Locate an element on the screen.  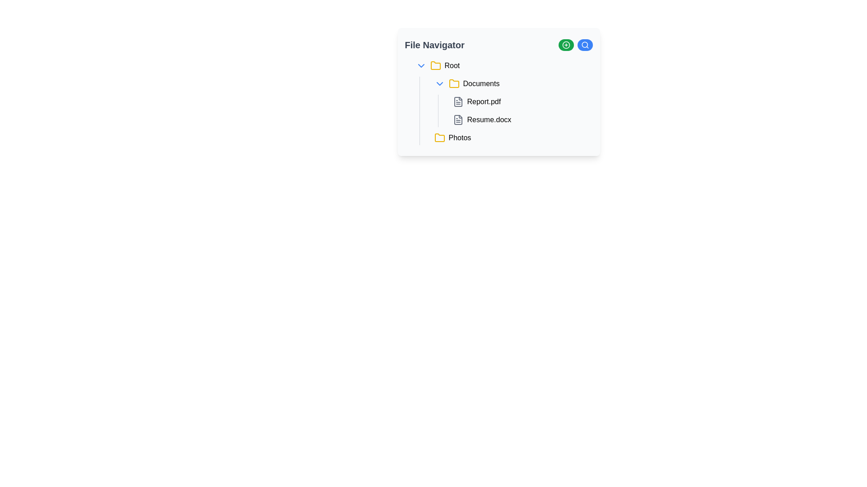
a file from the File list located in the 'Documents' folder section of the hierarchical file navigator interface is located at coordinates (515, 110).